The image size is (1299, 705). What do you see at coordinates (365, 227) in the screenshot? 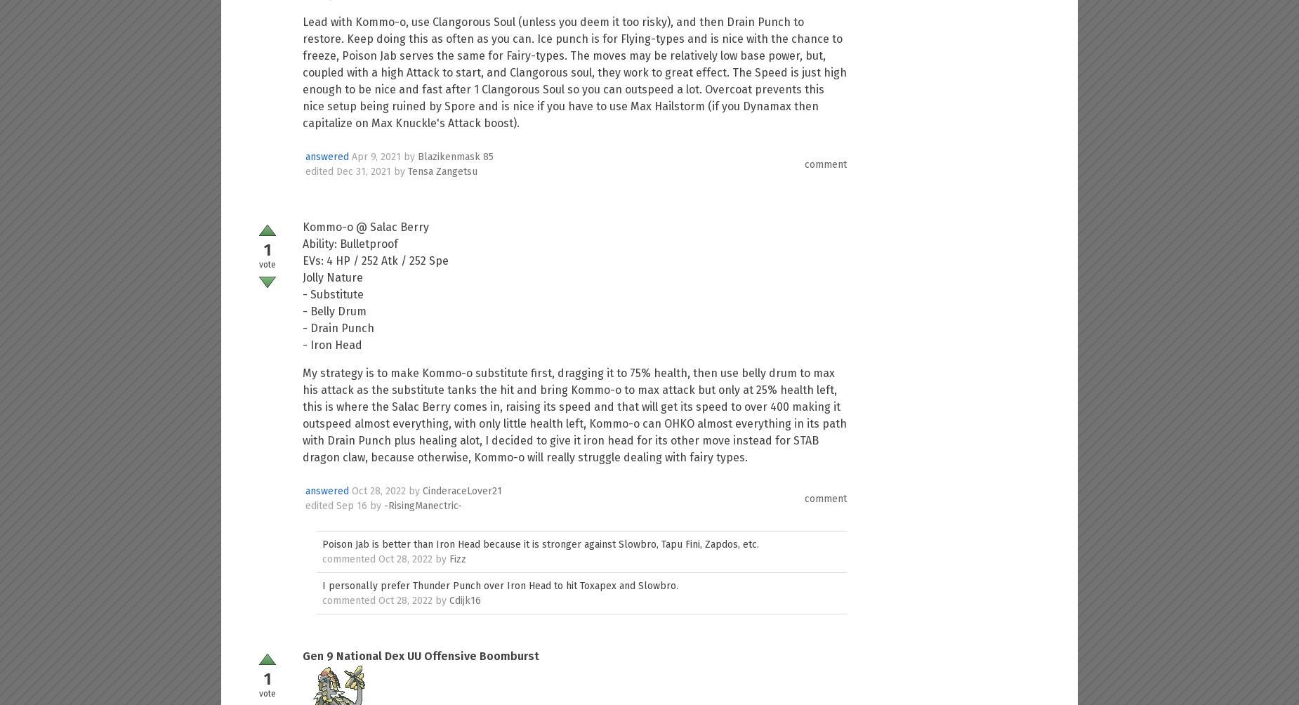
I see `'Kommo-o @ Salac Berry'` at bounding box center [365, 227].